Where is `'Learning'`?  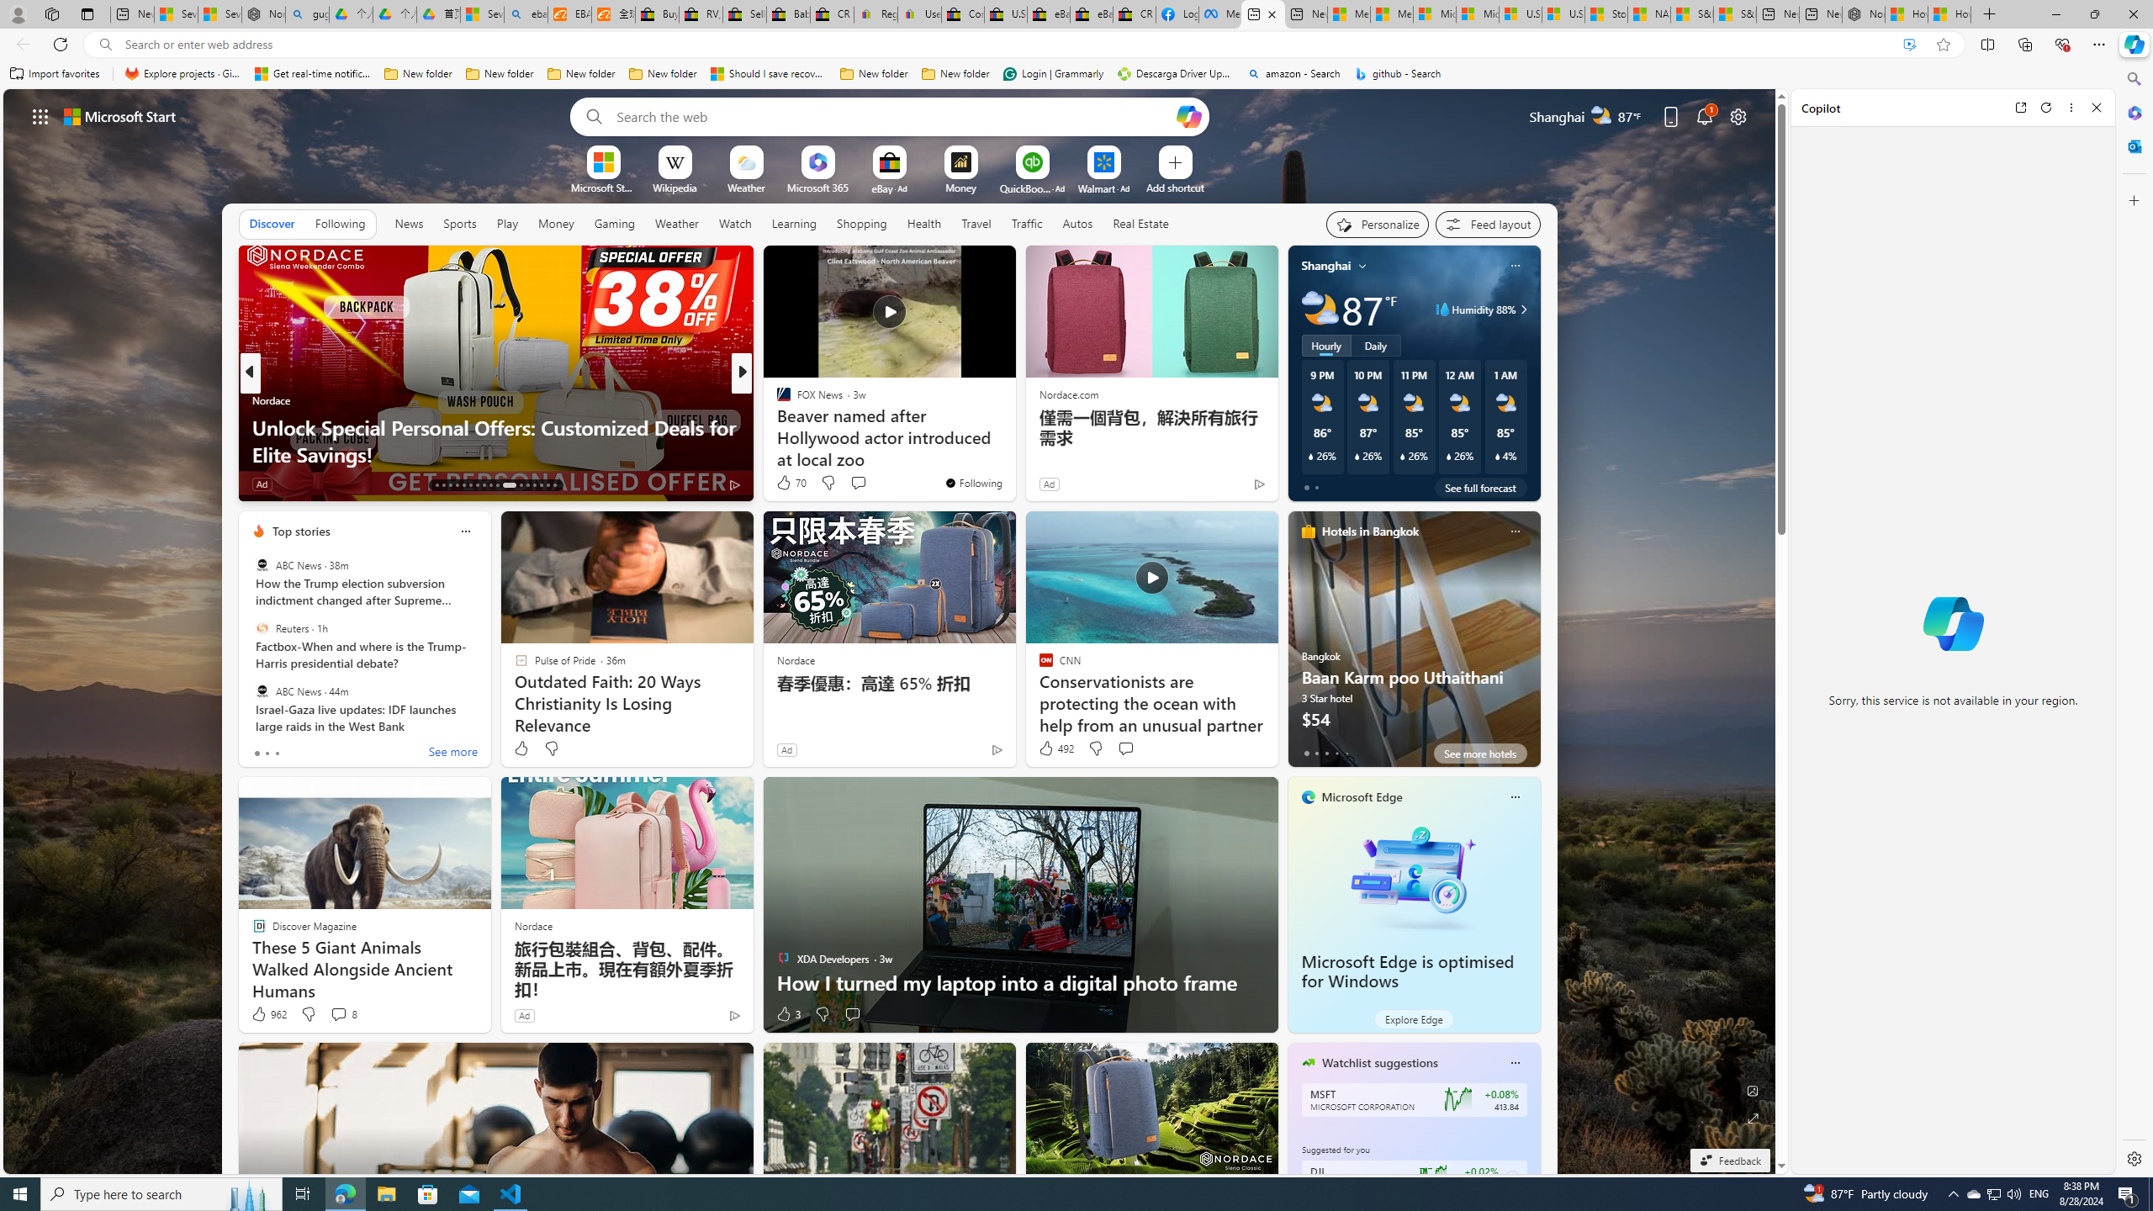
'Learning' is located at coordinates (793, 223).